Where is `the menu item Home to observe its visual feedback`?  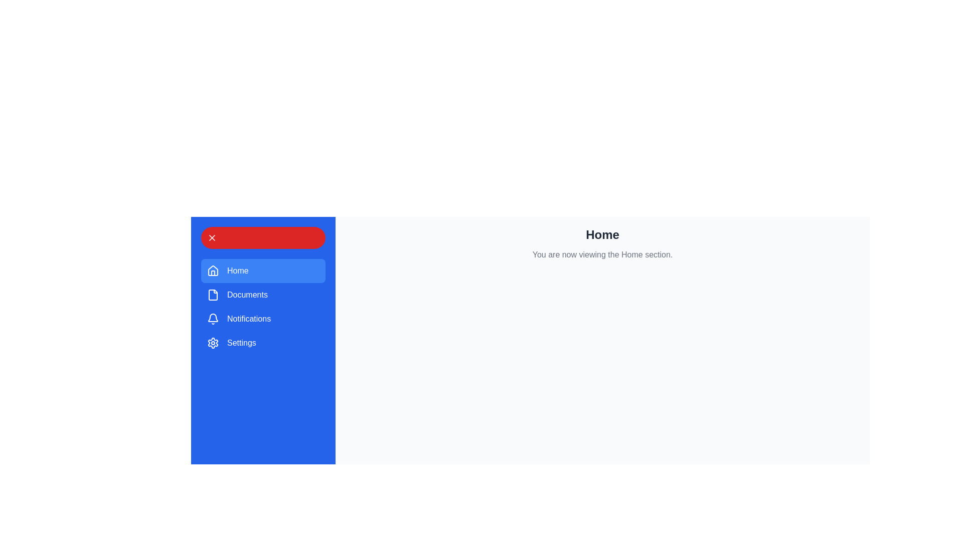 the menu item Home to observe its visual feedback is located at coordinates (263, 270).